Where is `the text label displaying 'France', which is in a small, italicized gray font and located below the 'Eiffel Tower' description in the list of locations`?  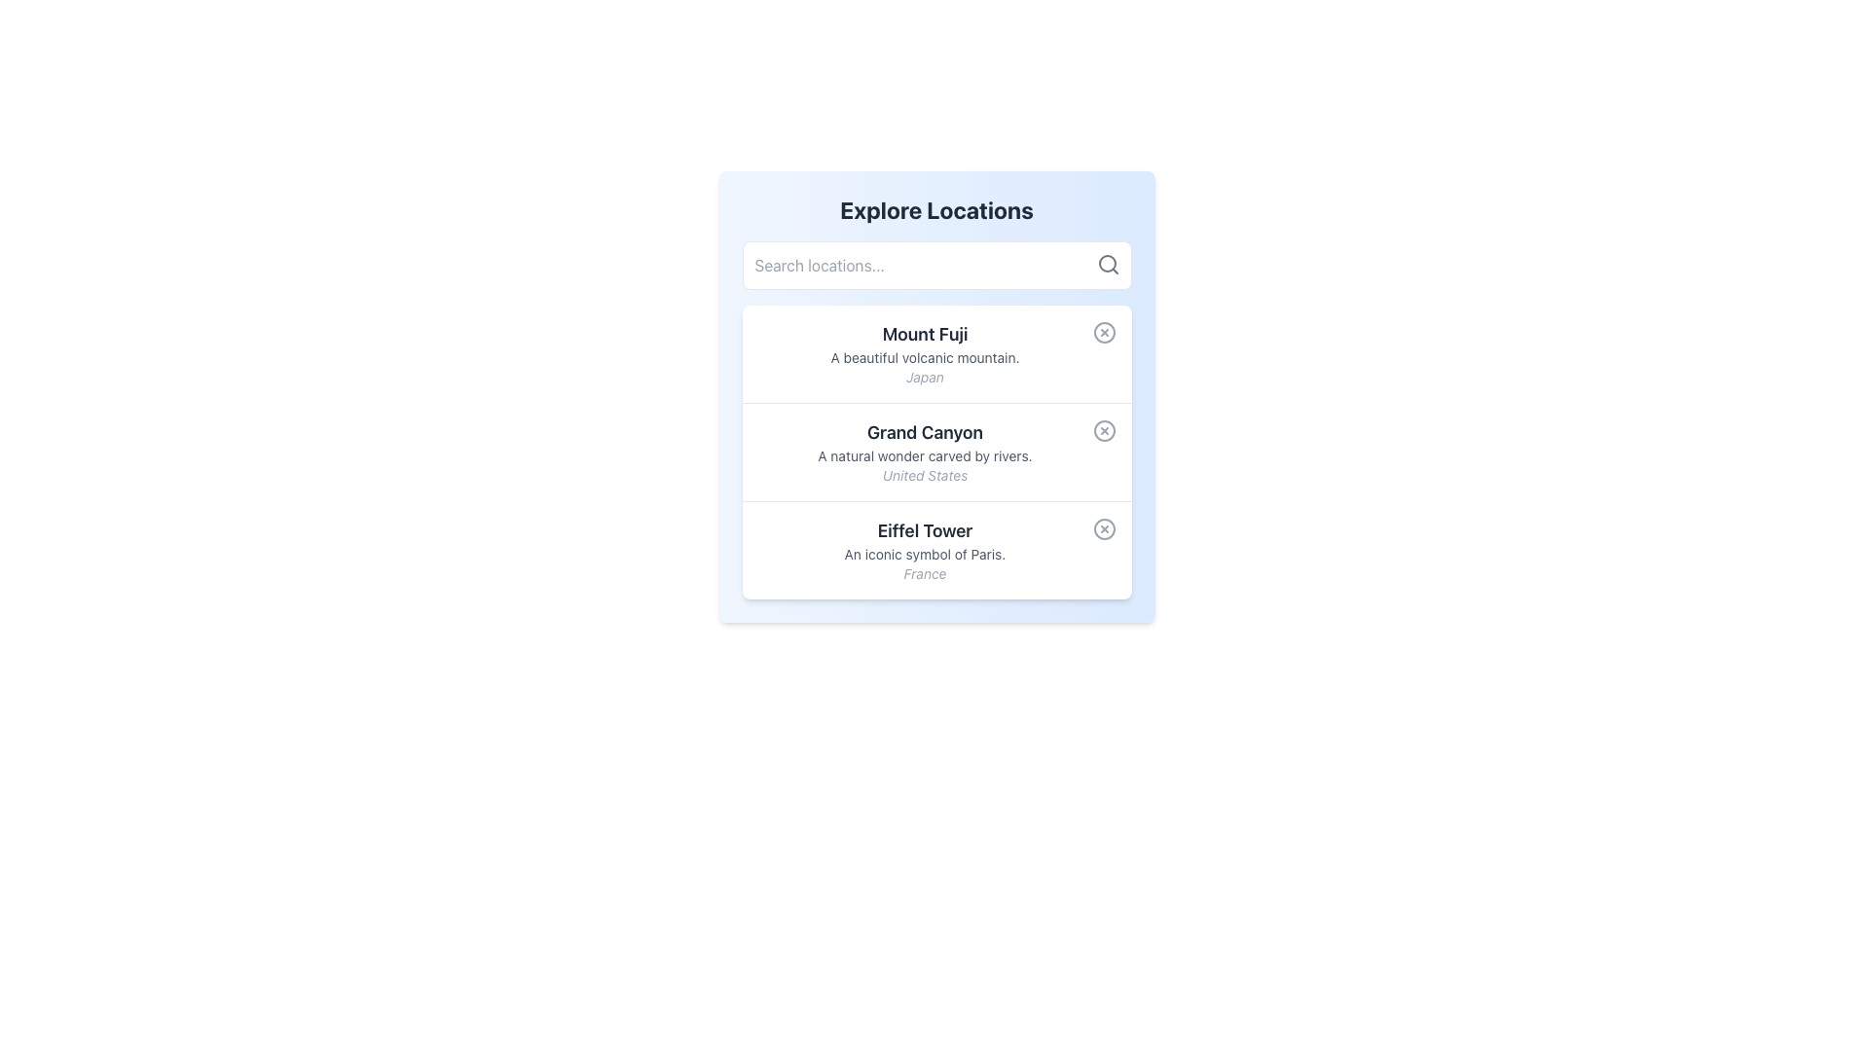 the text label displaying 'France', which is in a small, italicized gray font and located below the 'Eiffel Tower' description in the list of locations is located at coordinates (924, 573).